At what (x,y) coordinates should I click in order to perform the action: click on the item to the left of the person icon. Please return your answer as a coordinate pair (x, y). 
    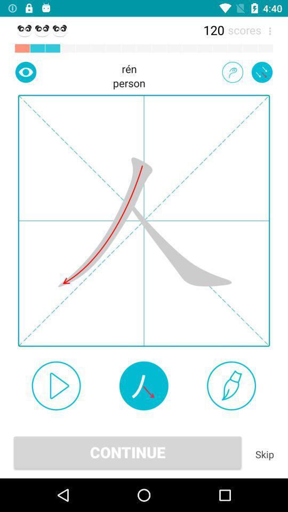
    Looking at the image, I should click on (26, 71).